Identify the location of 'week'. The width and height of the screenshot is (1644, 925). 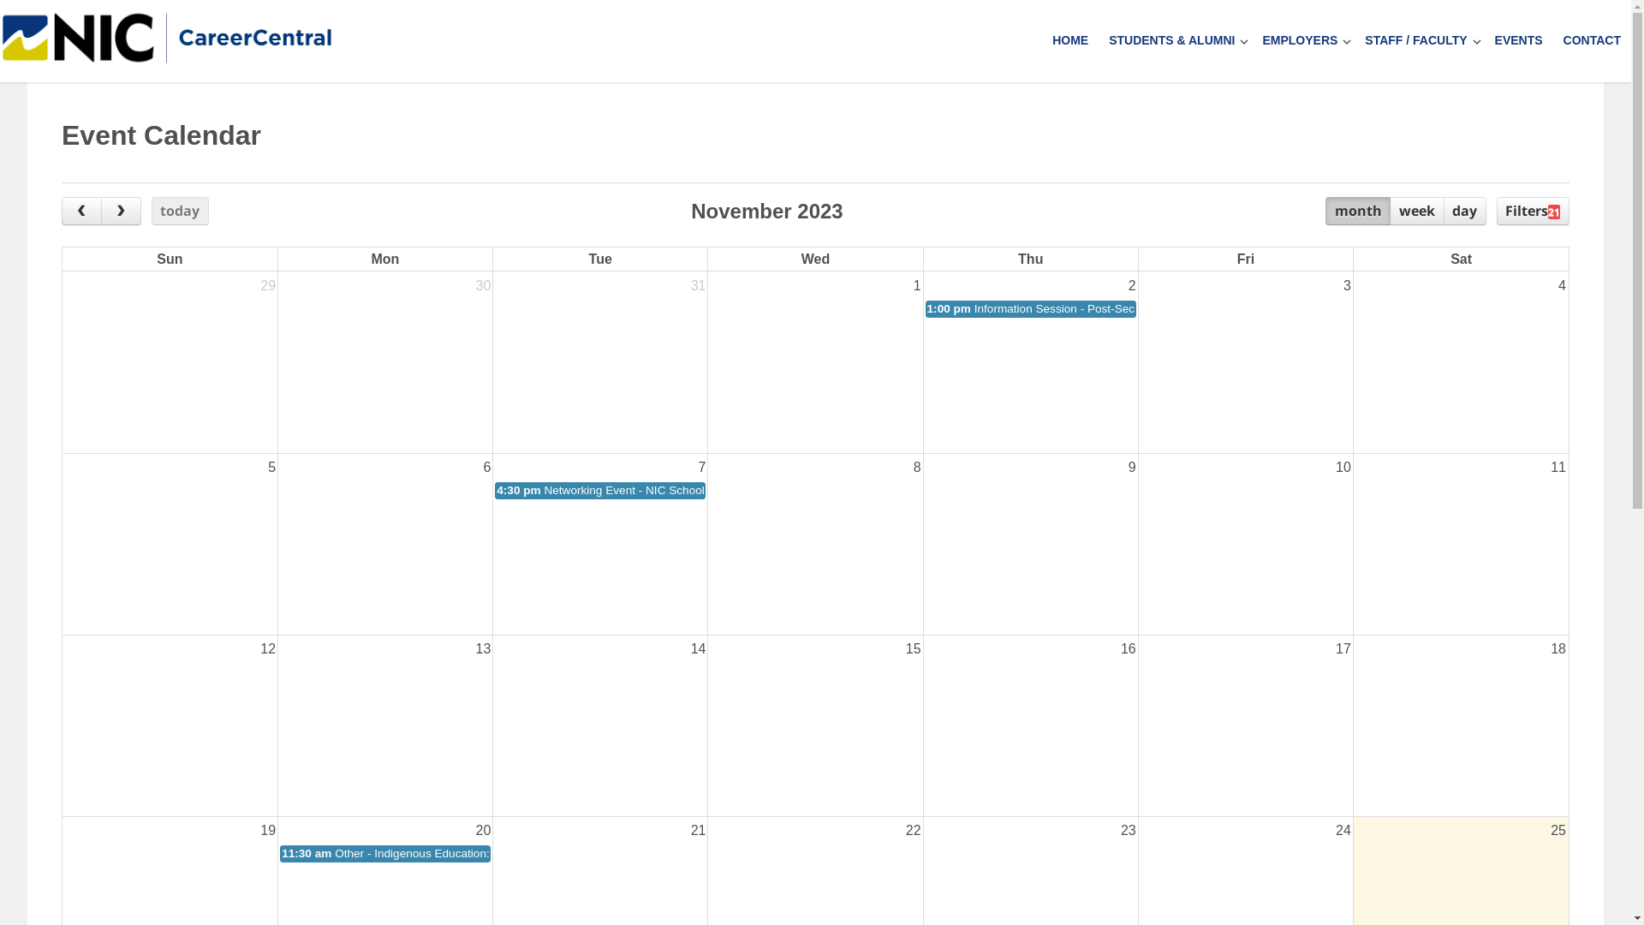
(1416, 210).